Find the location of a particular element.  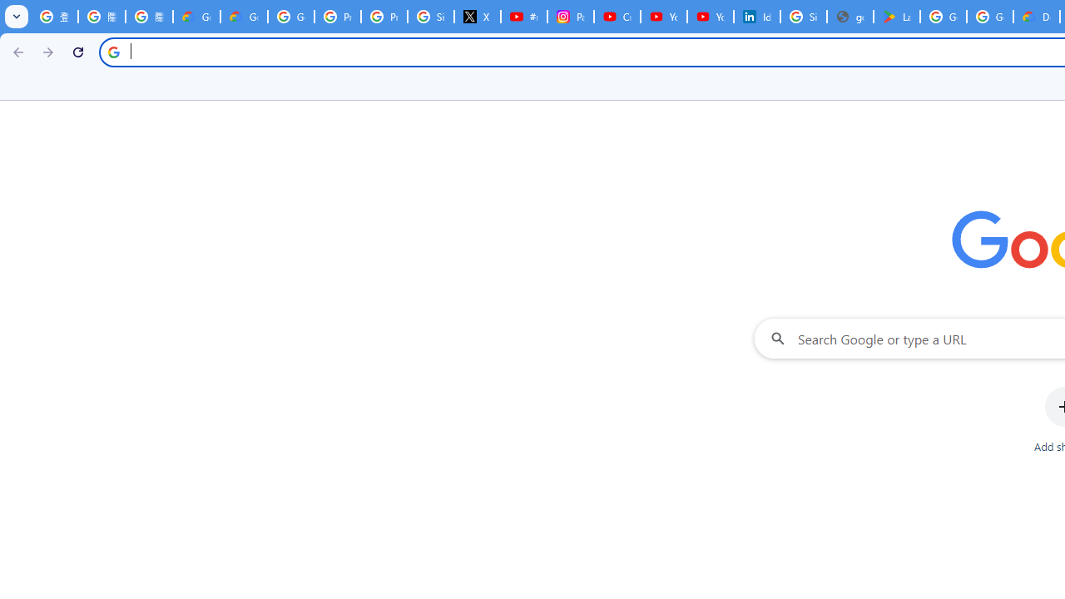

'Last Shelter: Survival - Apps on Google Play' is located at coordinates (895, 17).